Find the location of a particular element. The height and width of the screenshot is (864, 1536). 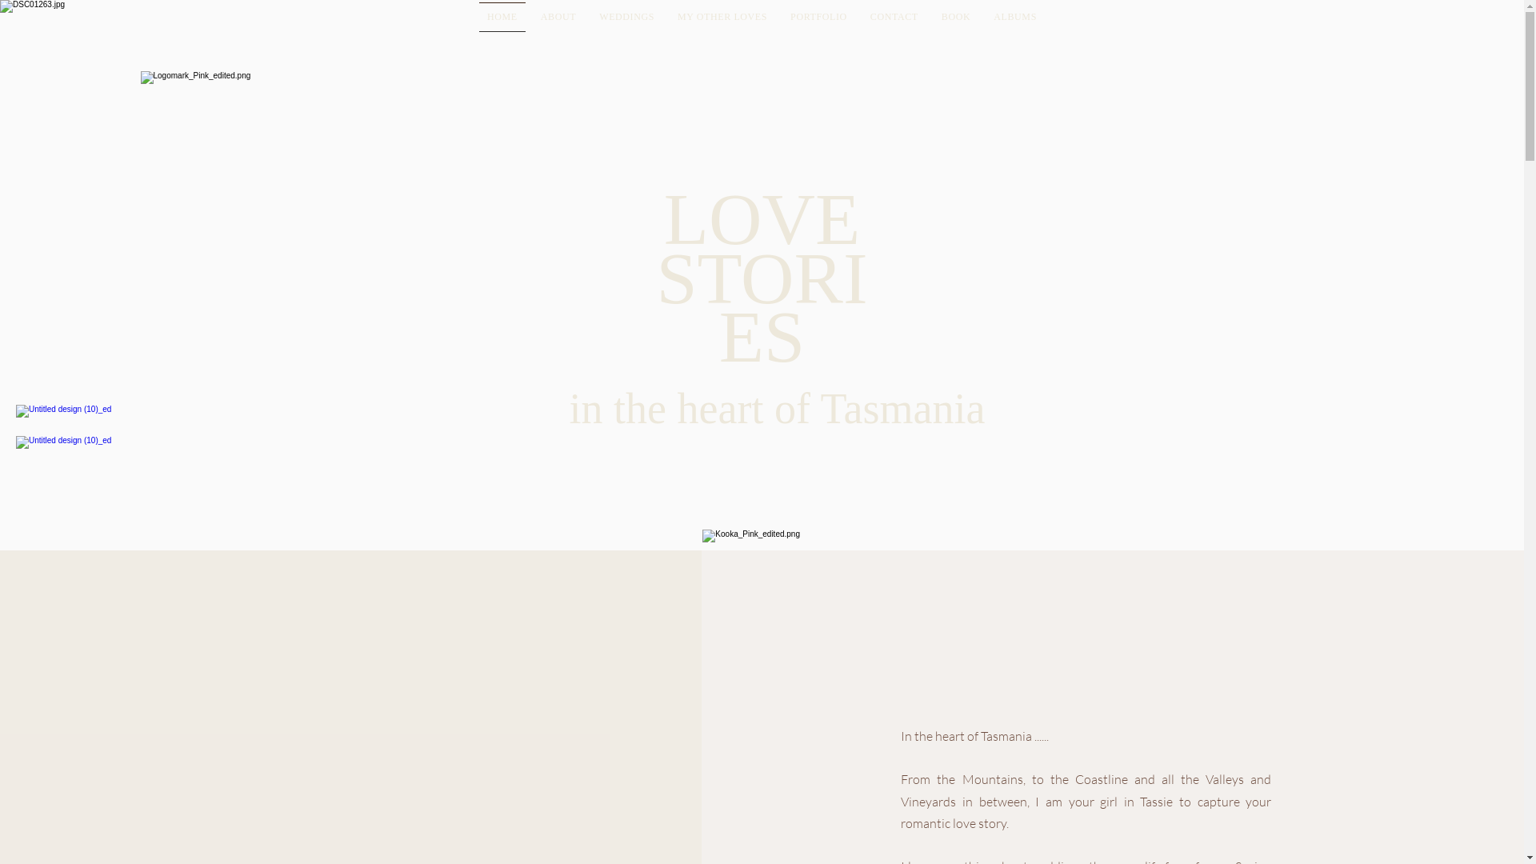

'PORTFOLIO' is located at coordinates (818, 17).